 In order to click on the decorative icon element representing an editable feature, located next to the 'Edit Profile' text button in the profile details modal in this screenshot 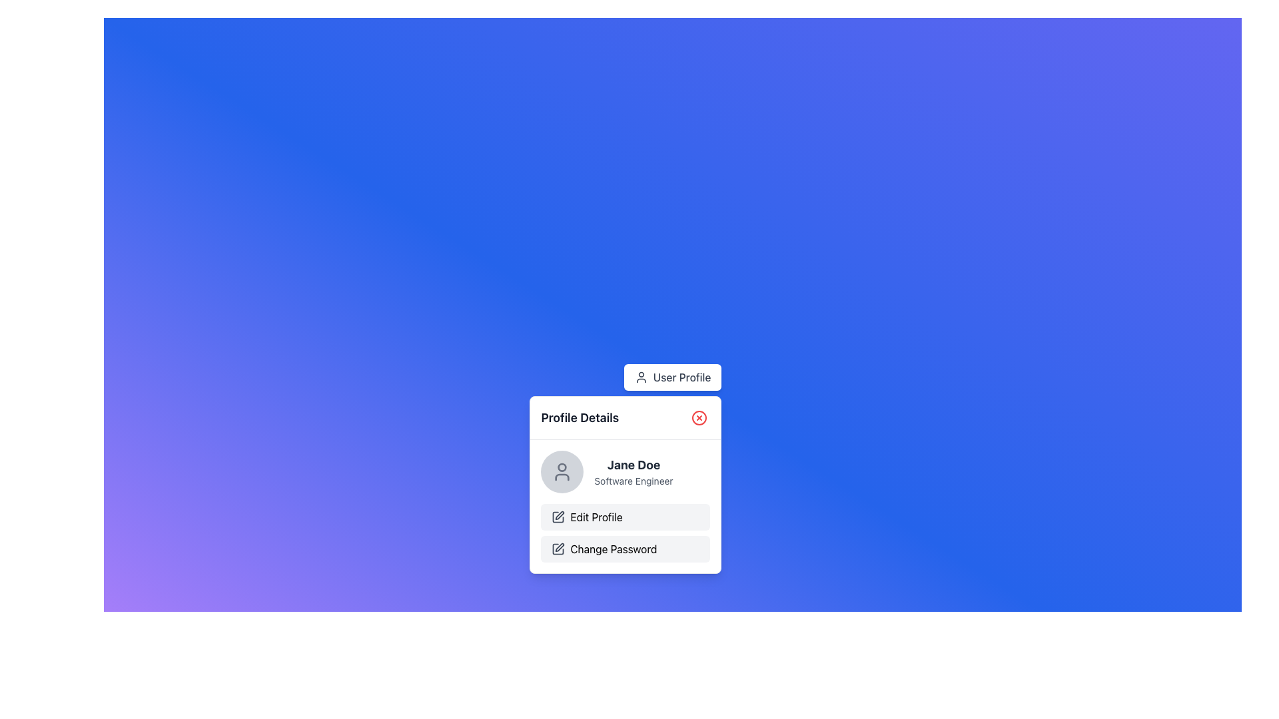, I will do `click(558, 516)`.